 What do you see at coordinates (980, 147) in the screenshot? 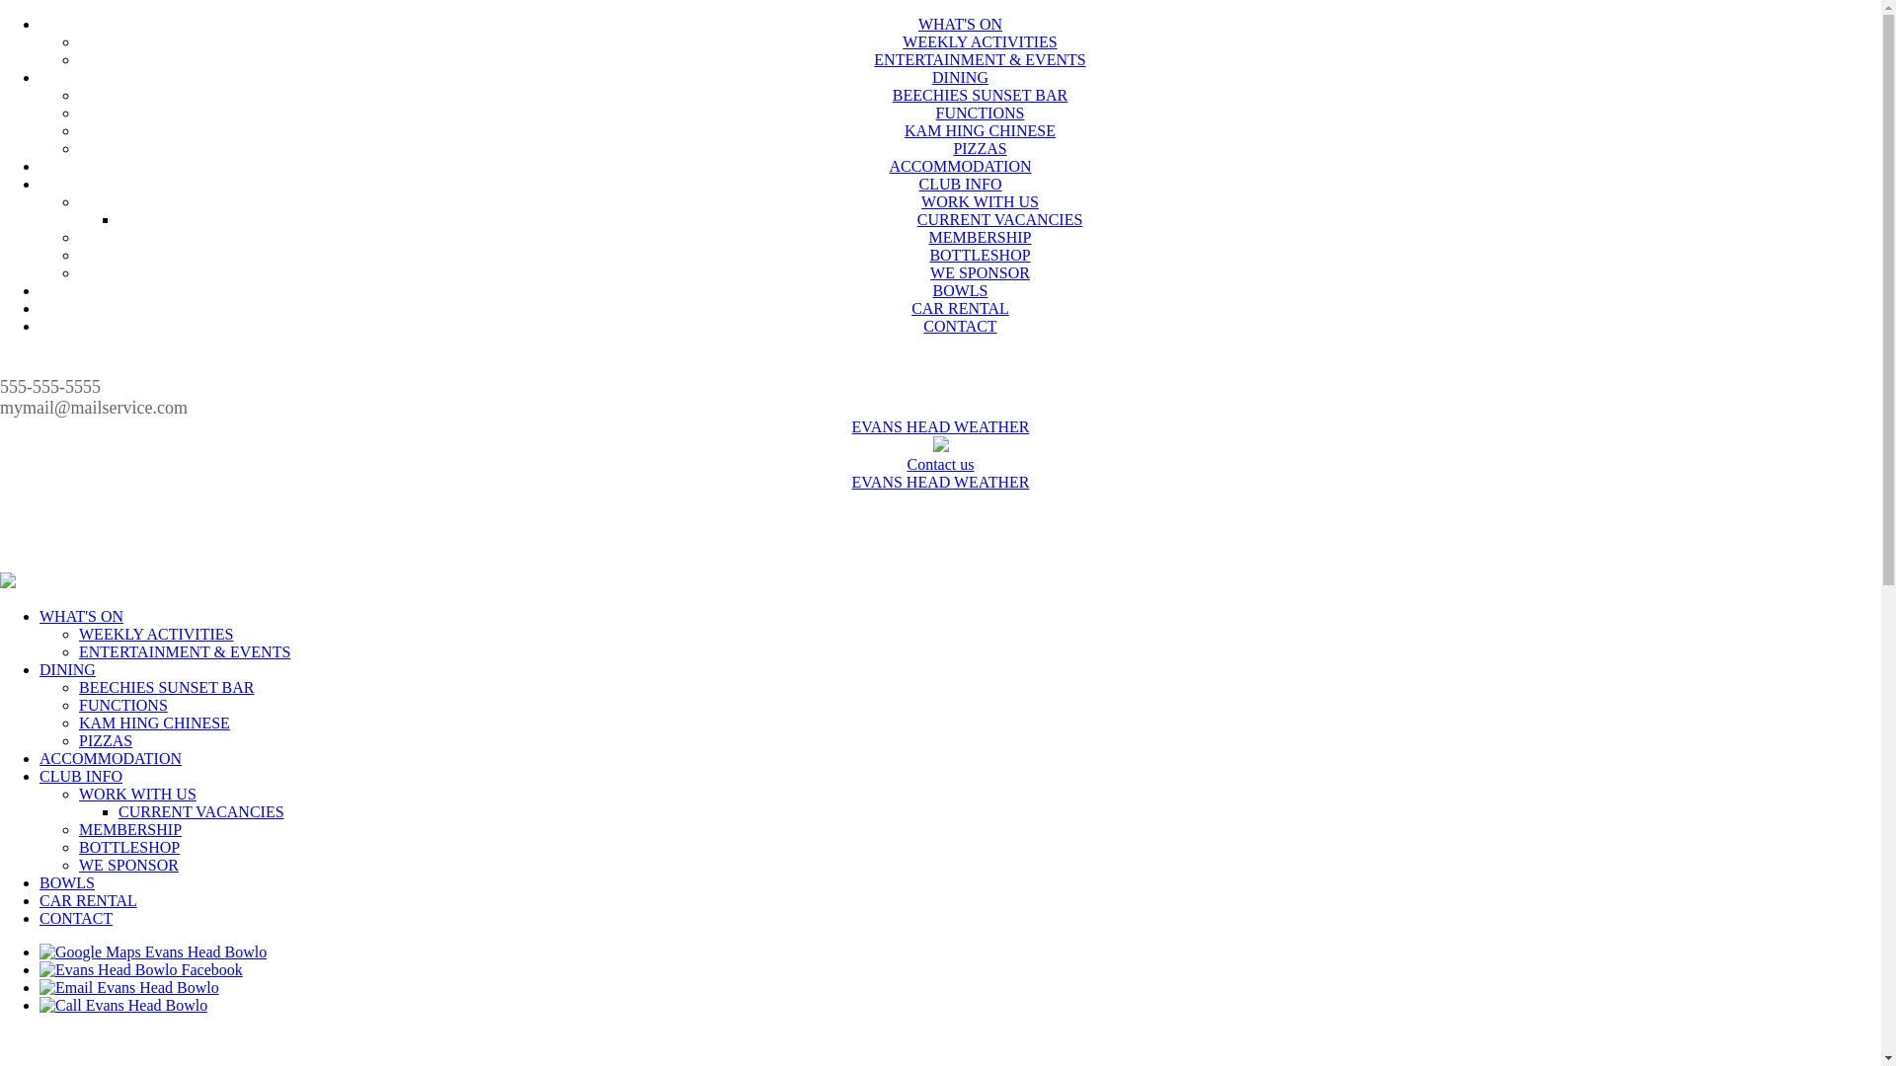
I see `'PIZZAS'` at bounding box center [980, 147].